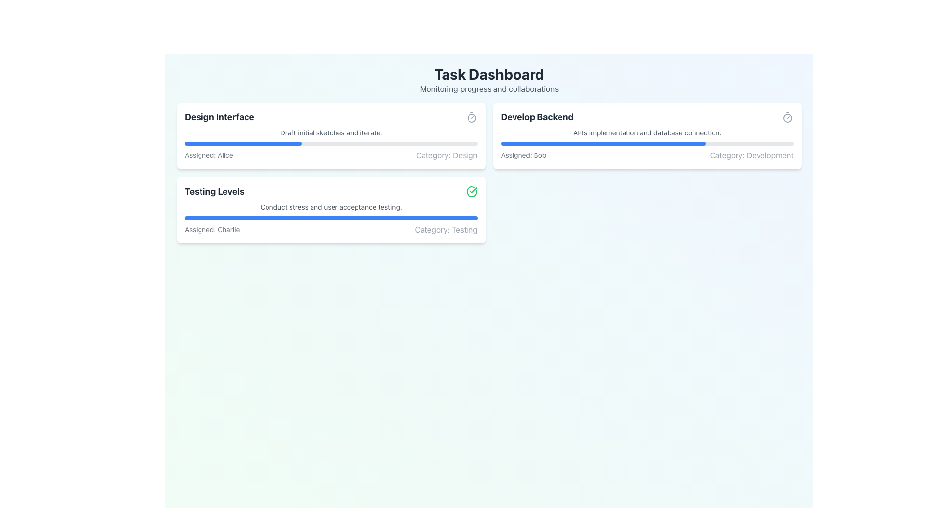 The height and width of the screenshot is (528, 939). I want to click on the circular timer icon with a gray outline located at the top right corner of the 'Design Interface' box, so click(471, 116).